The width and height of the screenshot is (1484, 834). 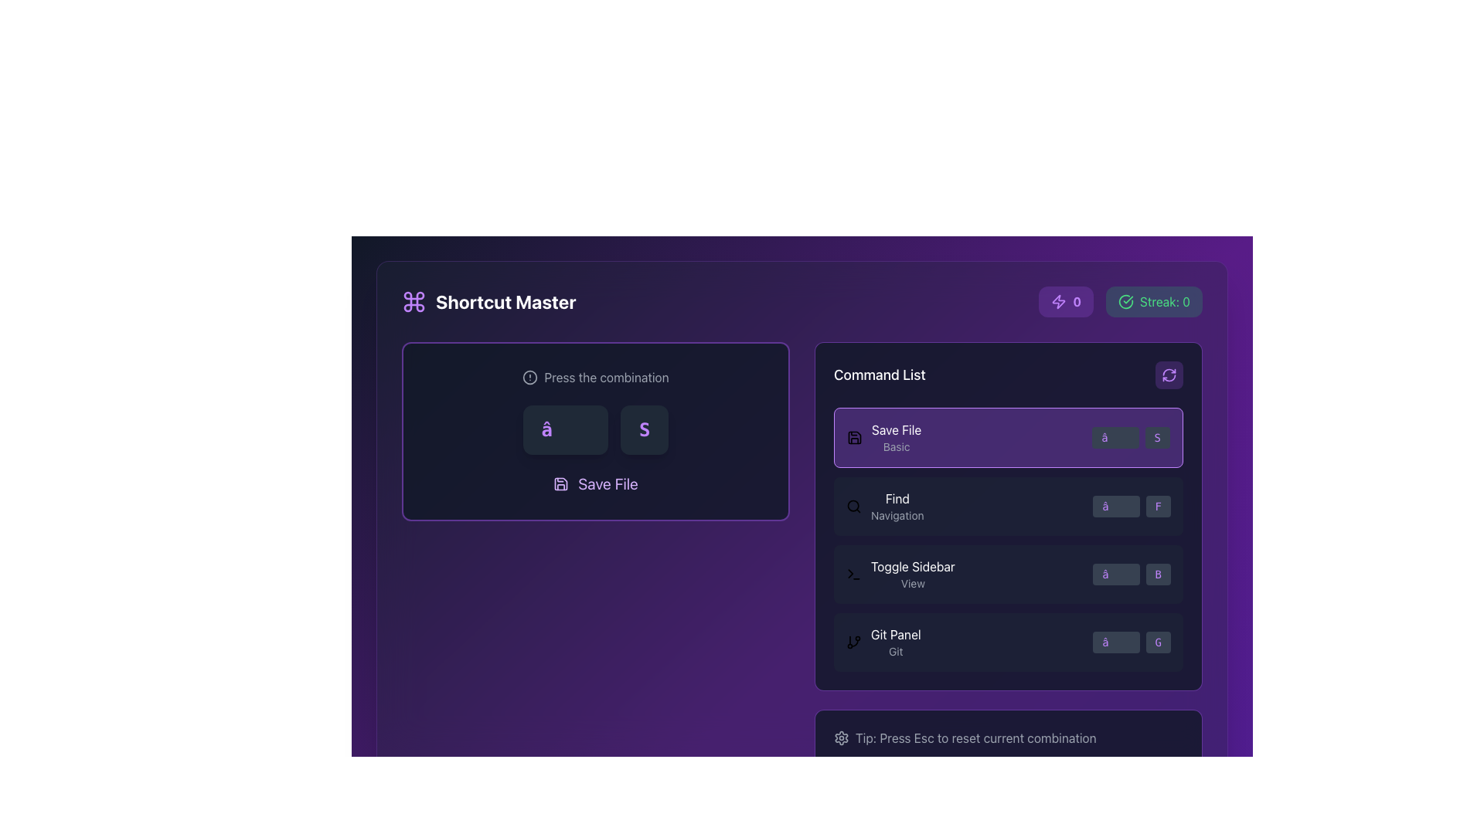 What do you see at coordinates (896, 634) in the screenshot?
I see `the 'Git Panel' text label located in the 'Command List' section on the right side of the interface, which indicates the functionality of the subsequent 'Git' section` at bounding box center [896, 634].